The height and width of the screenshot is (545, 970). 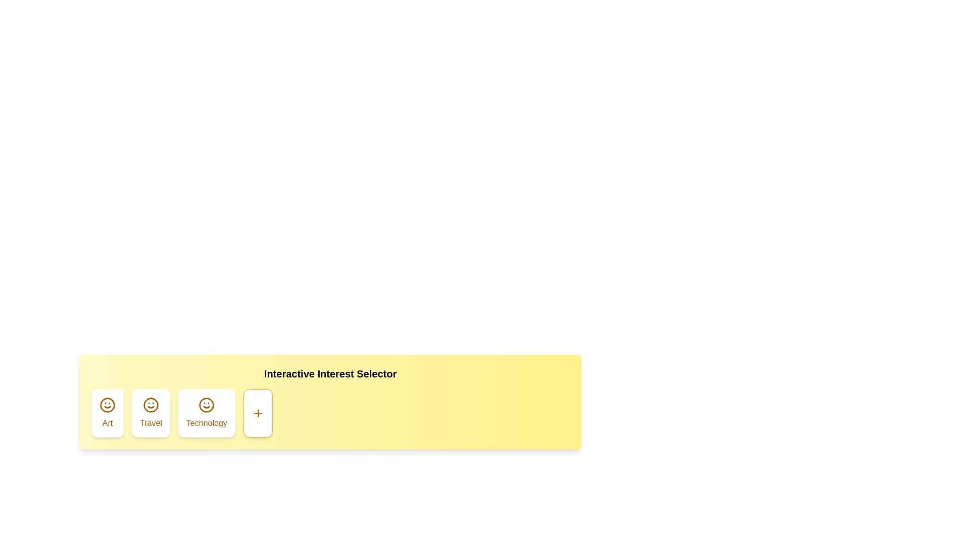 What do you see at coordinates (107, 413) in the screenshot?
I see `the chip labeled Art to observe its visual changes` at bounding box center [107, 413].